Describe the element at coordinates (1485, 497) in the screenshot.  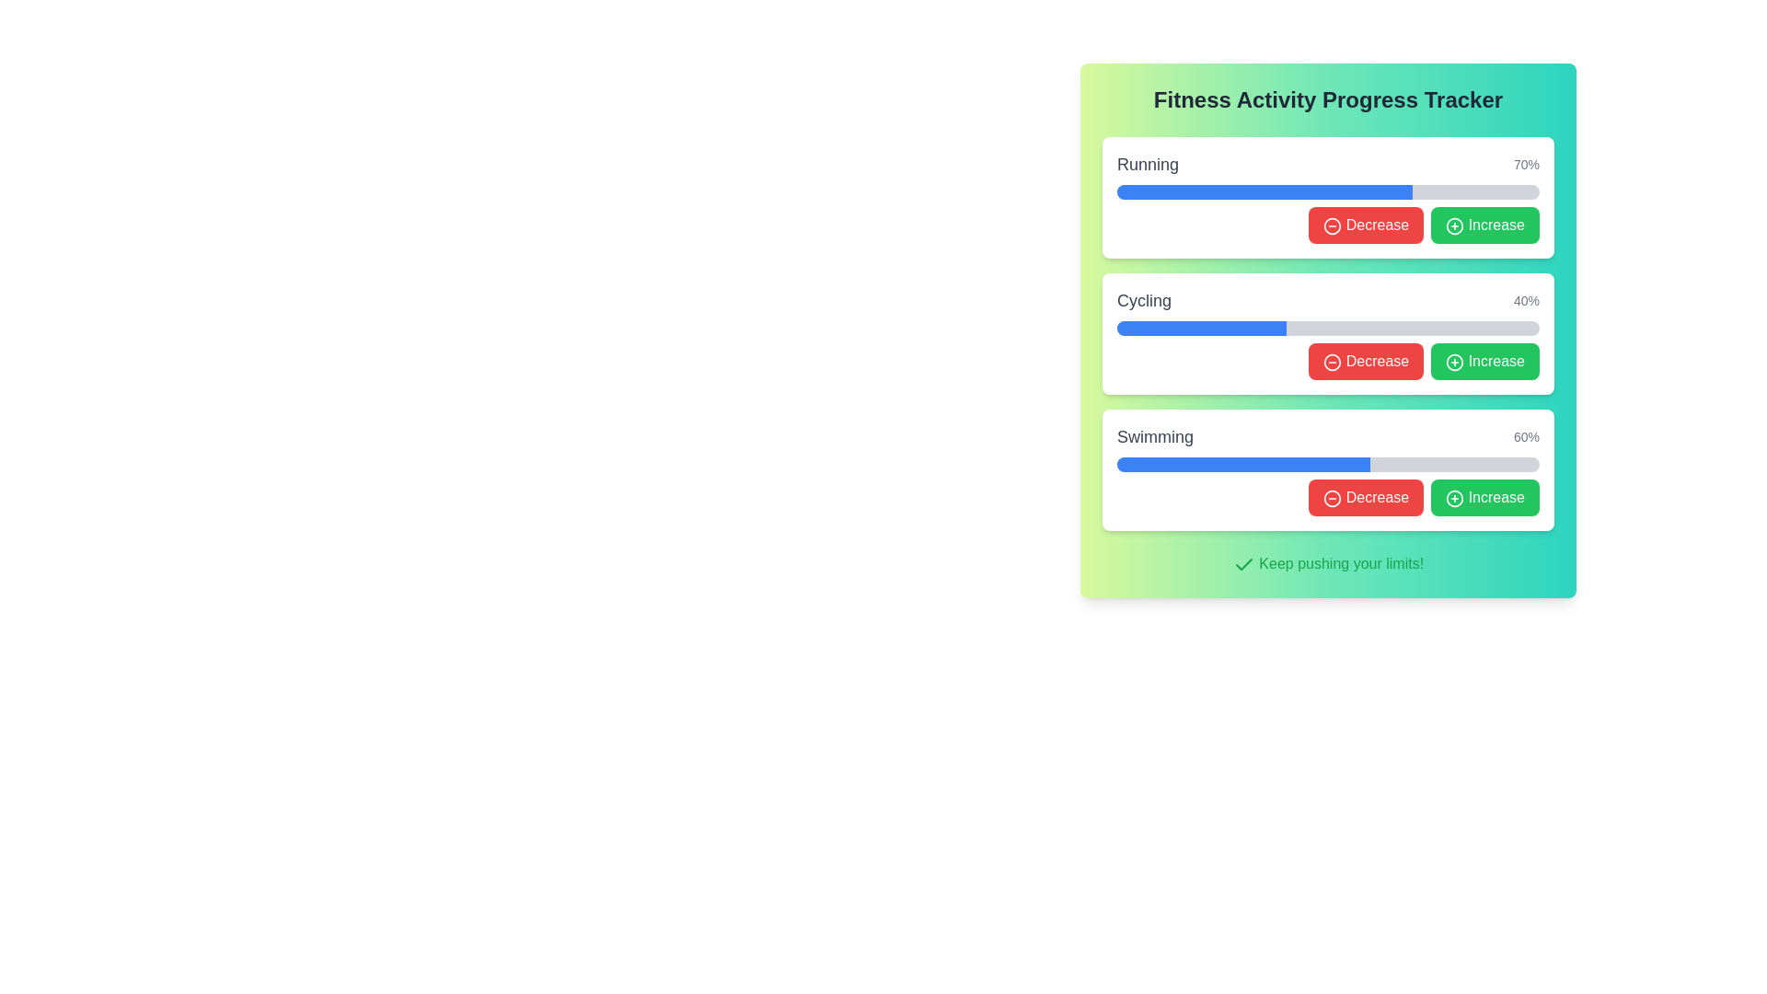
I see `the 'Increase' button, which has a green background, rounded corners, and white text with a plus icon, located in the 'Swimming' activity controls at the bottom of the grouped activity trackers` at that location.